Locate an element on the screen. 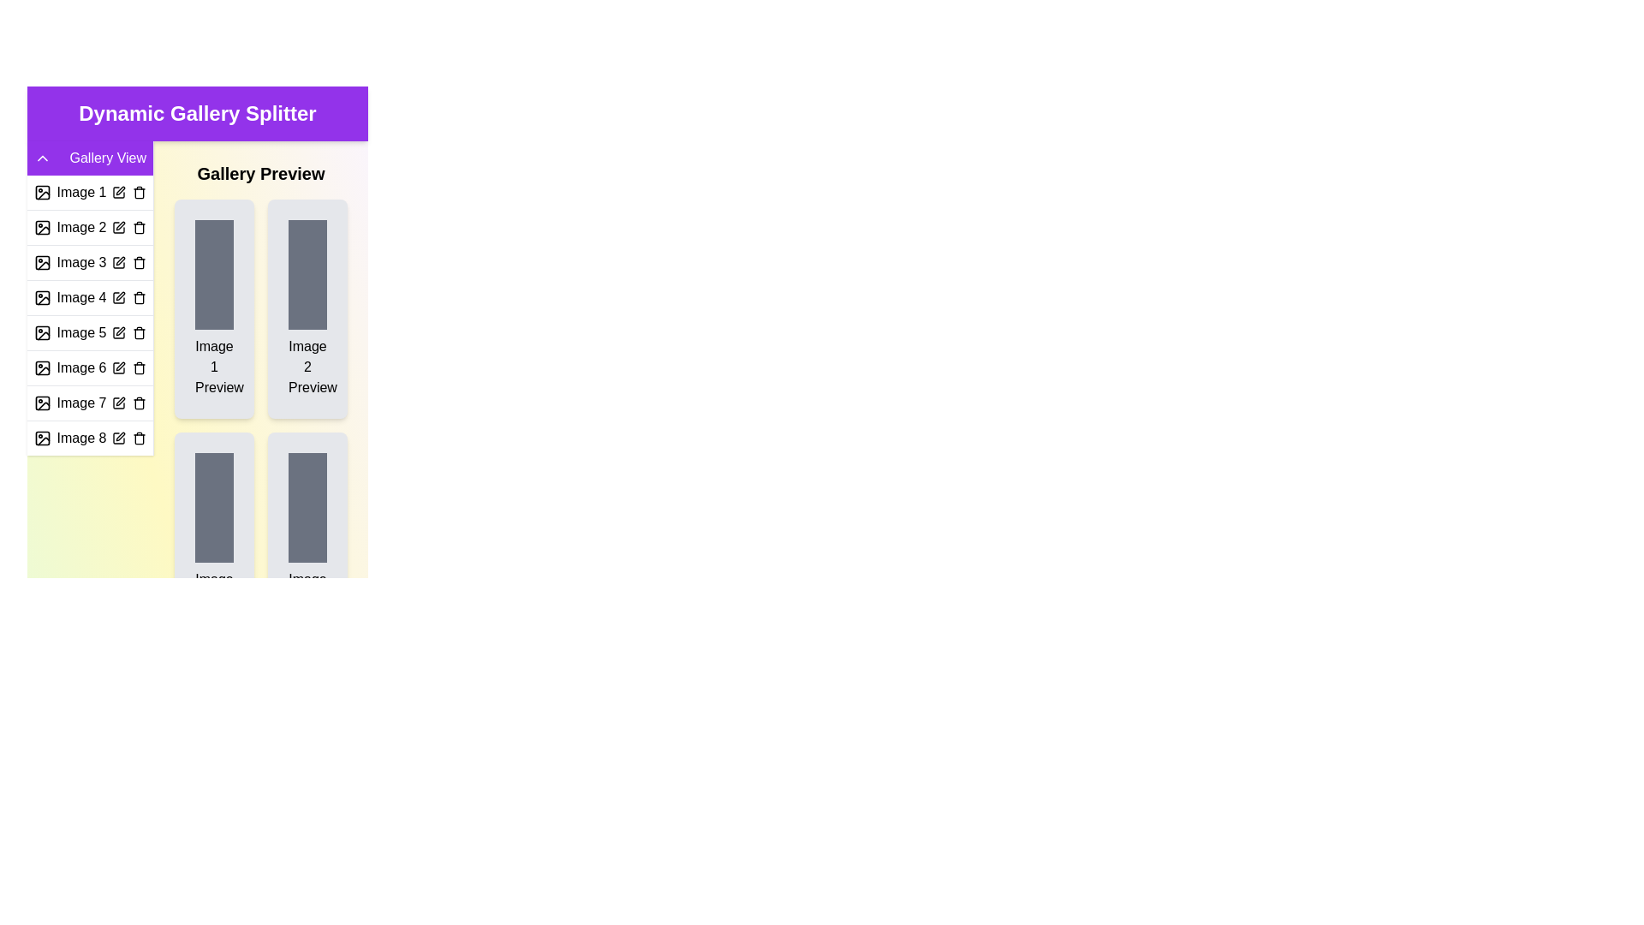 The height and width of the screenshot is (925, 1644). the Icon Button resembling a pen over a square located to the right of 'Image 4' in the left-hand navigation pane is located at coordinates (119, 295).